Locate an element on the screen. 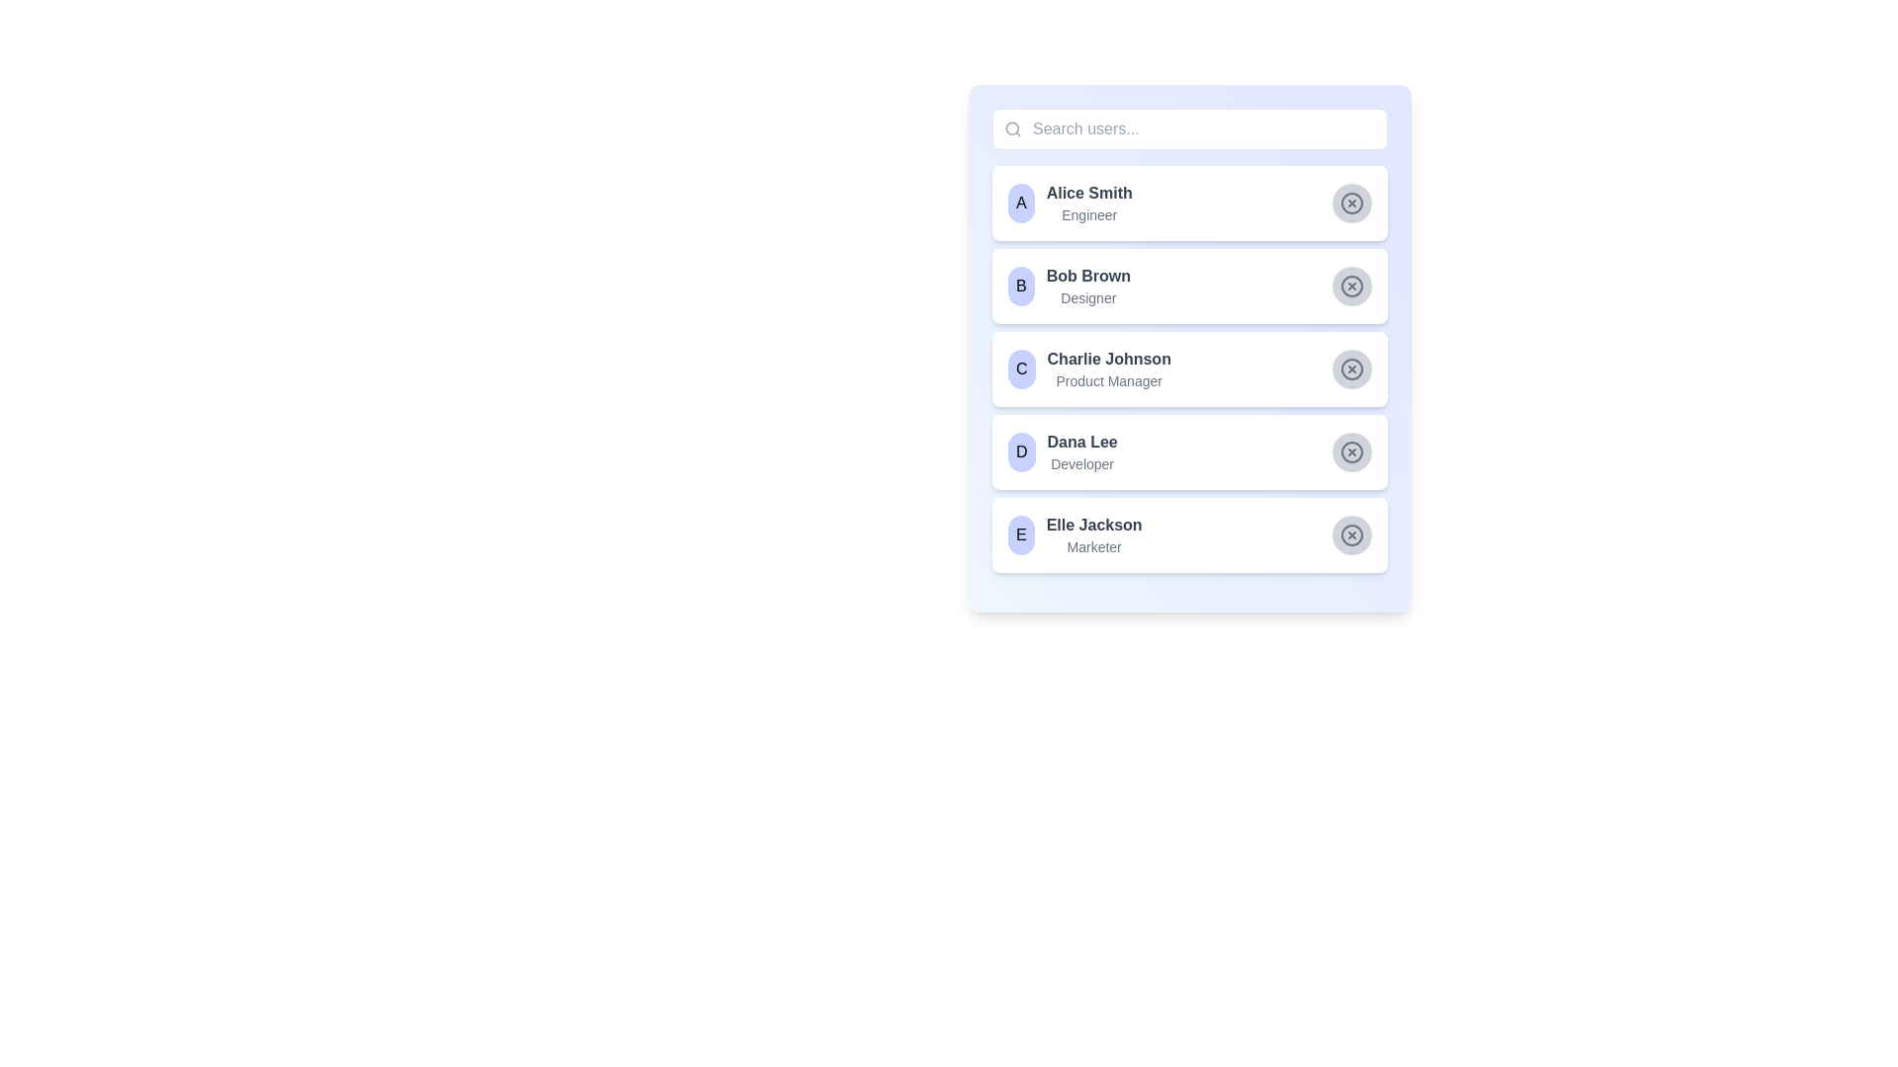 Image resolution: width=1898 pixels, height=1067 pixels. the Profile card displaying information for 'Charlie Johnson', which is the third item in the vertical list of user cards is located at coordinates (1189, 369).